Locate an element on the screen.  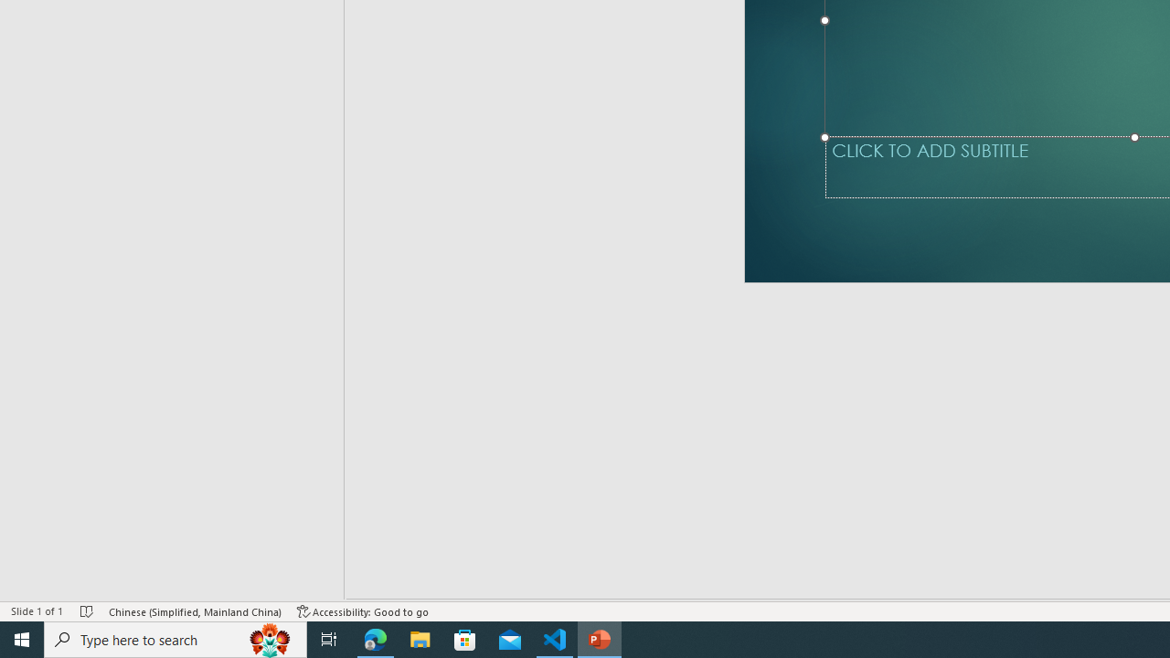
'File Explorer' is located at coordinates (420, 638).